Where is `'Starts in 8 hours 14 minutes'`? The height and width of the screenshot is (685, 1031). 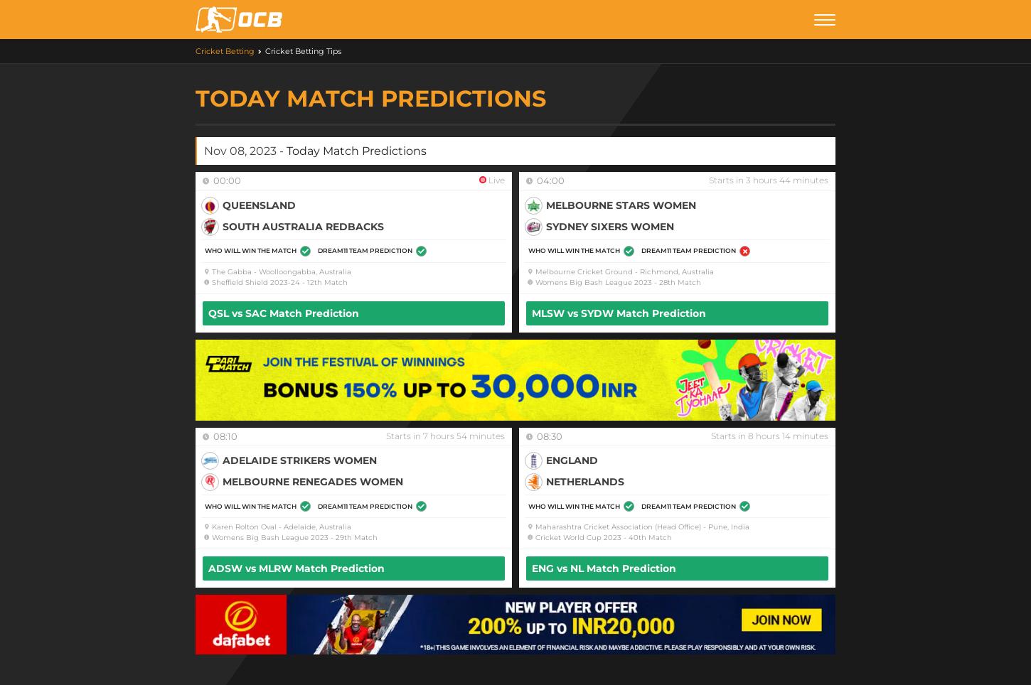 'Starts in 8 hours 14 minutes' is located at coordinates (711, 435).